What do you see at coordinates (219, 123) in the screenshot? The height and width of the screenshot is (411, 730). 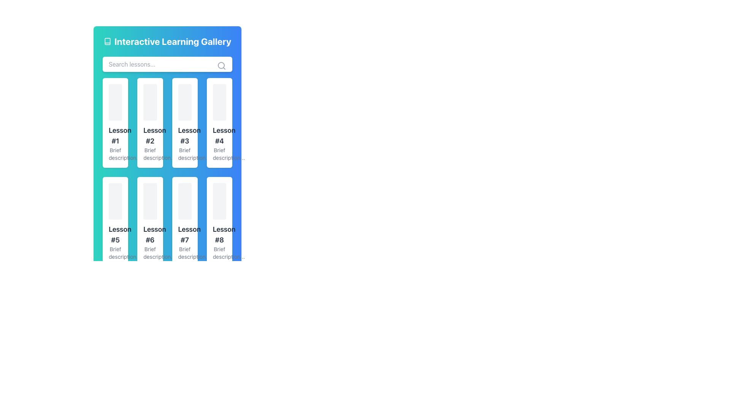 I see `the rectangular card with a white background and rounded corners that displays 'Lesson #4' in bold` at bounding box center [219, 123].